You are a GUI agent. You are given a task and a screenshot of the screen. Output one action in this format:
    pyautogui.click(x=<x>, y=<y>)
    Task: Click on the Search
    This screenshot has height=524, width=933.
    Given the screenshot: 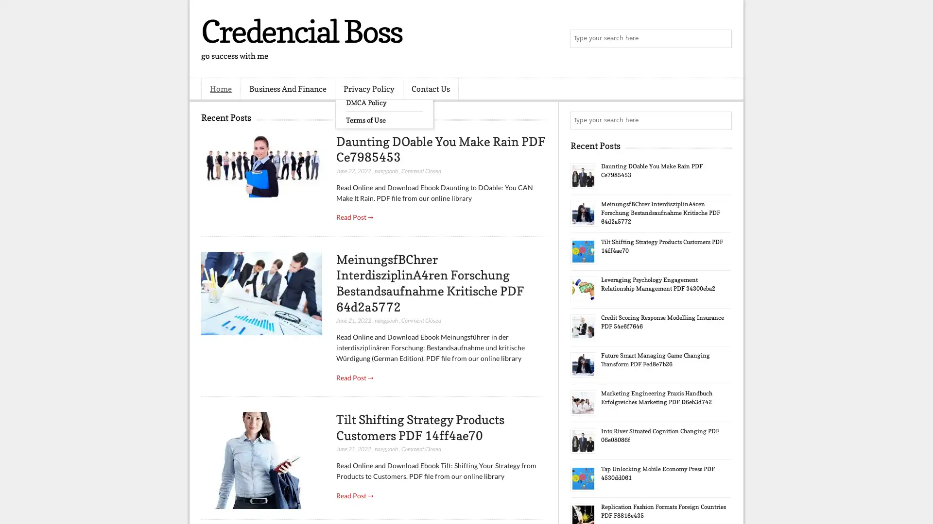 What is the action you would take?
    pyautogui.click(x=722, y=39)
    